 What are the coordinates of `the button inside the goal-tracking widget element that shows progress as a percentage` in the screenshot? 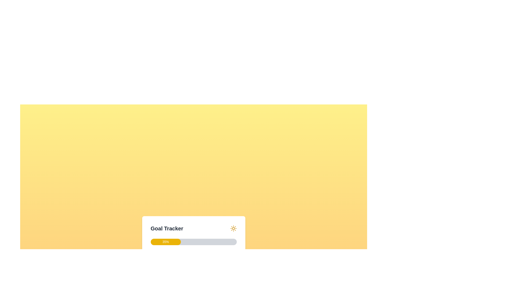 It's located at (193, 249).